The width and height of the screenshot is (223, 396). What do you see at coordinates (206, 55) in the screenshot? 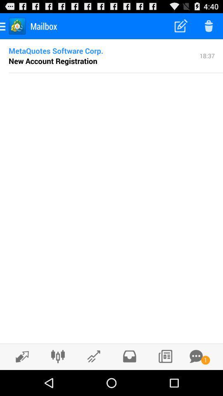
I see `icon next to metaquotes software corp. icon` at bounding box center [206, 55].